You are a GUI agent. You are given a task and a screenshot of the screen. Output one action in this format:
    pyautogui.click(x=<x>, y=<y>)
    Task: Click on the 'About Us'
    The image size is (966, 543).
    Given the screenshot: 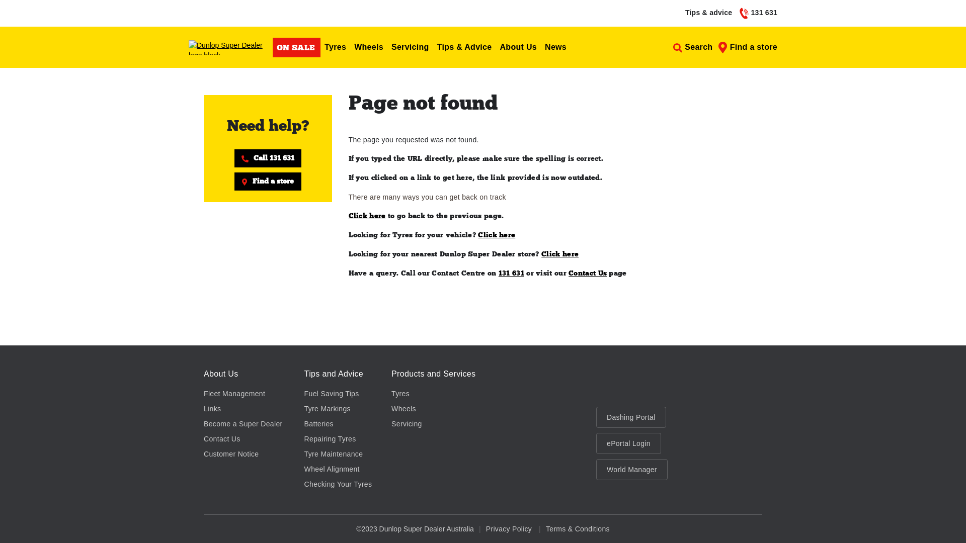 What is the action you would take?
    pyautogui.click(x=519, y=47)
    